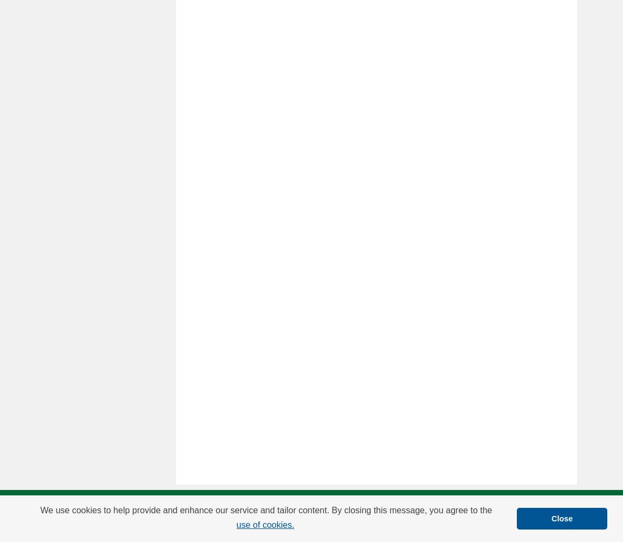 This screenshot has width=623, height=542. What do you see at coordinates (365, 509) in the screenshot?
I see `'Ask Us'` at bounding box center [365, 509].